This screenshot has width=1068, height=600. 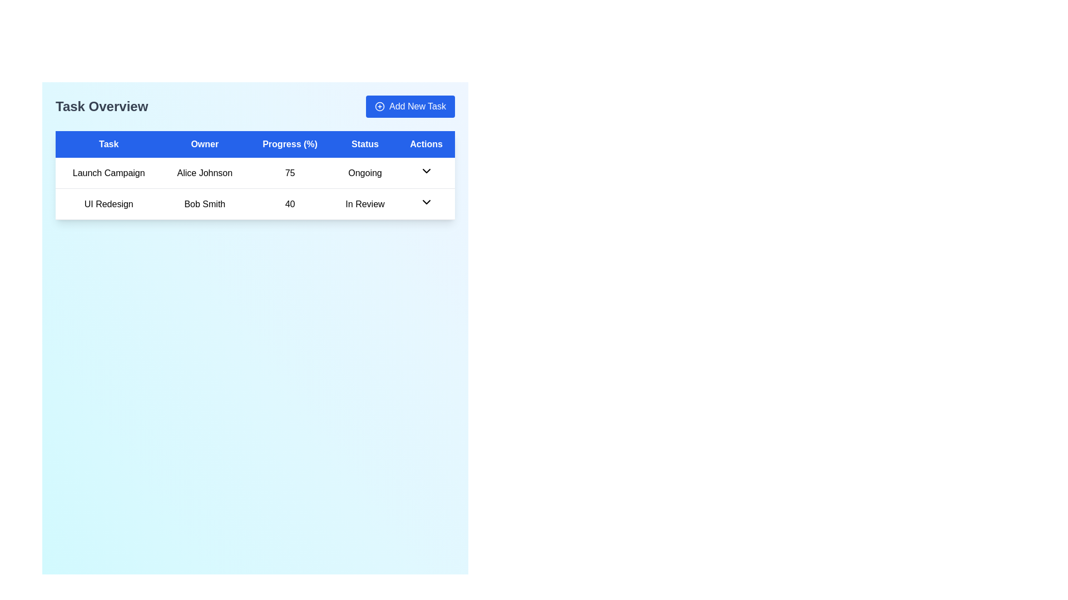 I want to click on the 'Task Overview' text element which serves as a title for the task management section, so click(x=102, y=107).